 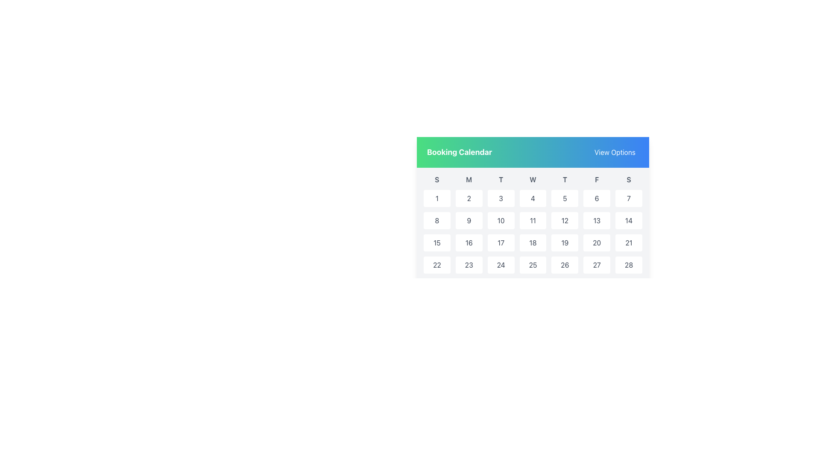 I want to click on the non-interactive text label indicating 'Sunday' in the weekly calendar, positioned as the last column in the top row, so click(x=629, y=179).